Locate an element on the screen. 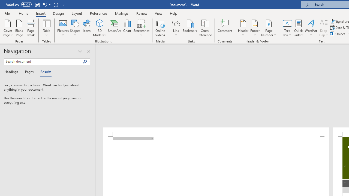 The image size is (349, 196). 'Cross-reference...' is located at coordinates (205, 28).